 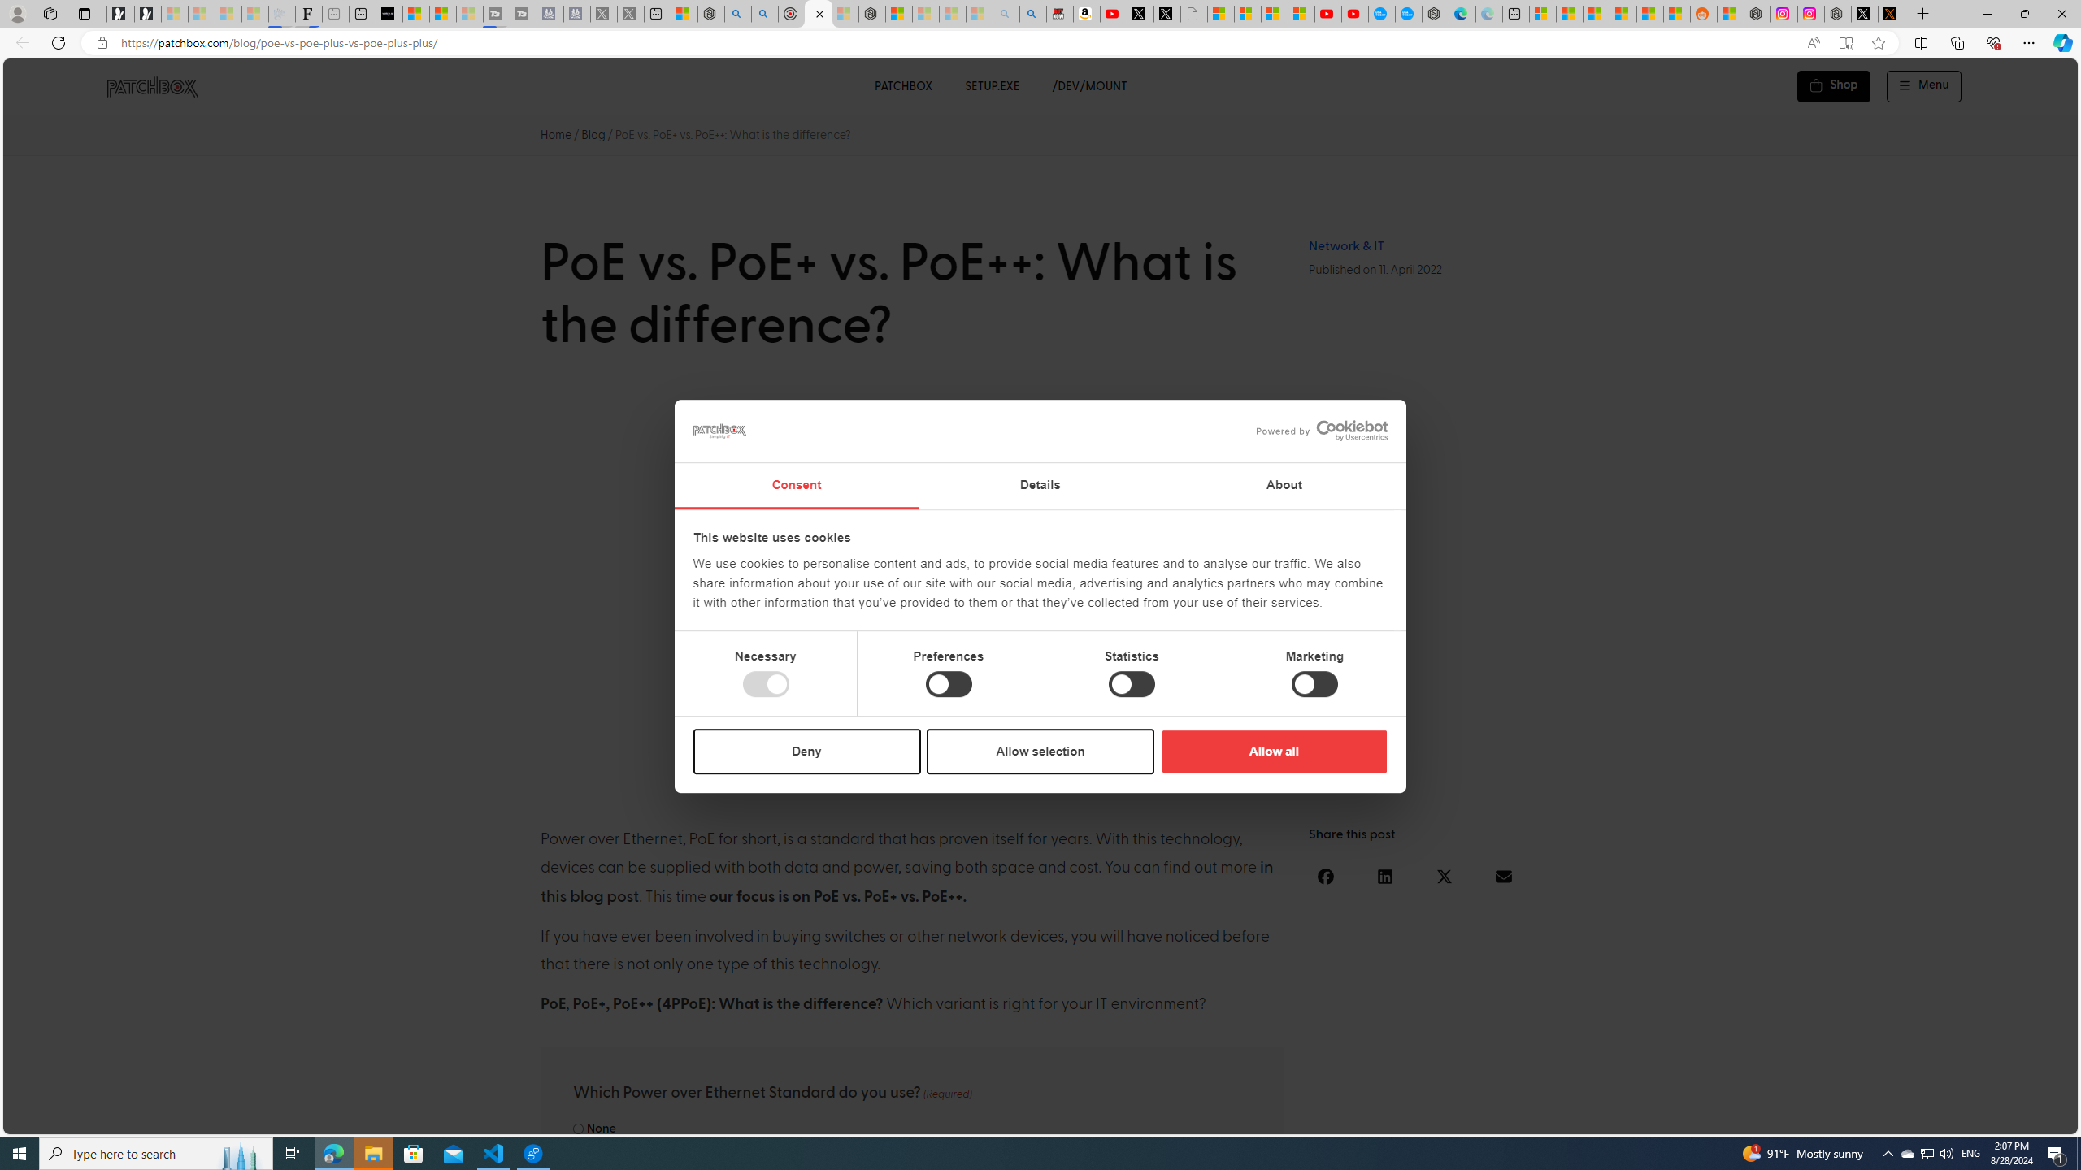 What do you see at coordinates (902, 86) in the screenshot?
I see `'PATCHBOX'` at bounding box center [902, 86].